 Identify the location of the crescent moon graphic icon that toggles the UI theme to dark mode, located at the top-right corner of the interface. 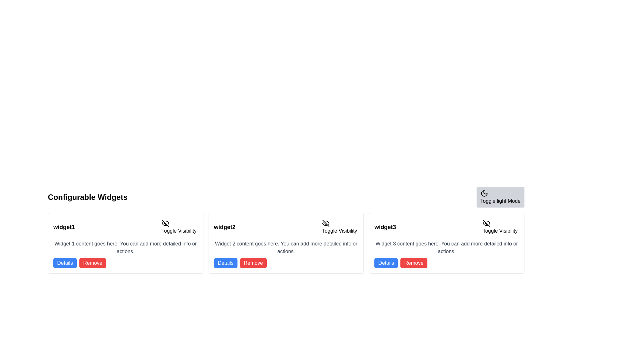
(484, 193).